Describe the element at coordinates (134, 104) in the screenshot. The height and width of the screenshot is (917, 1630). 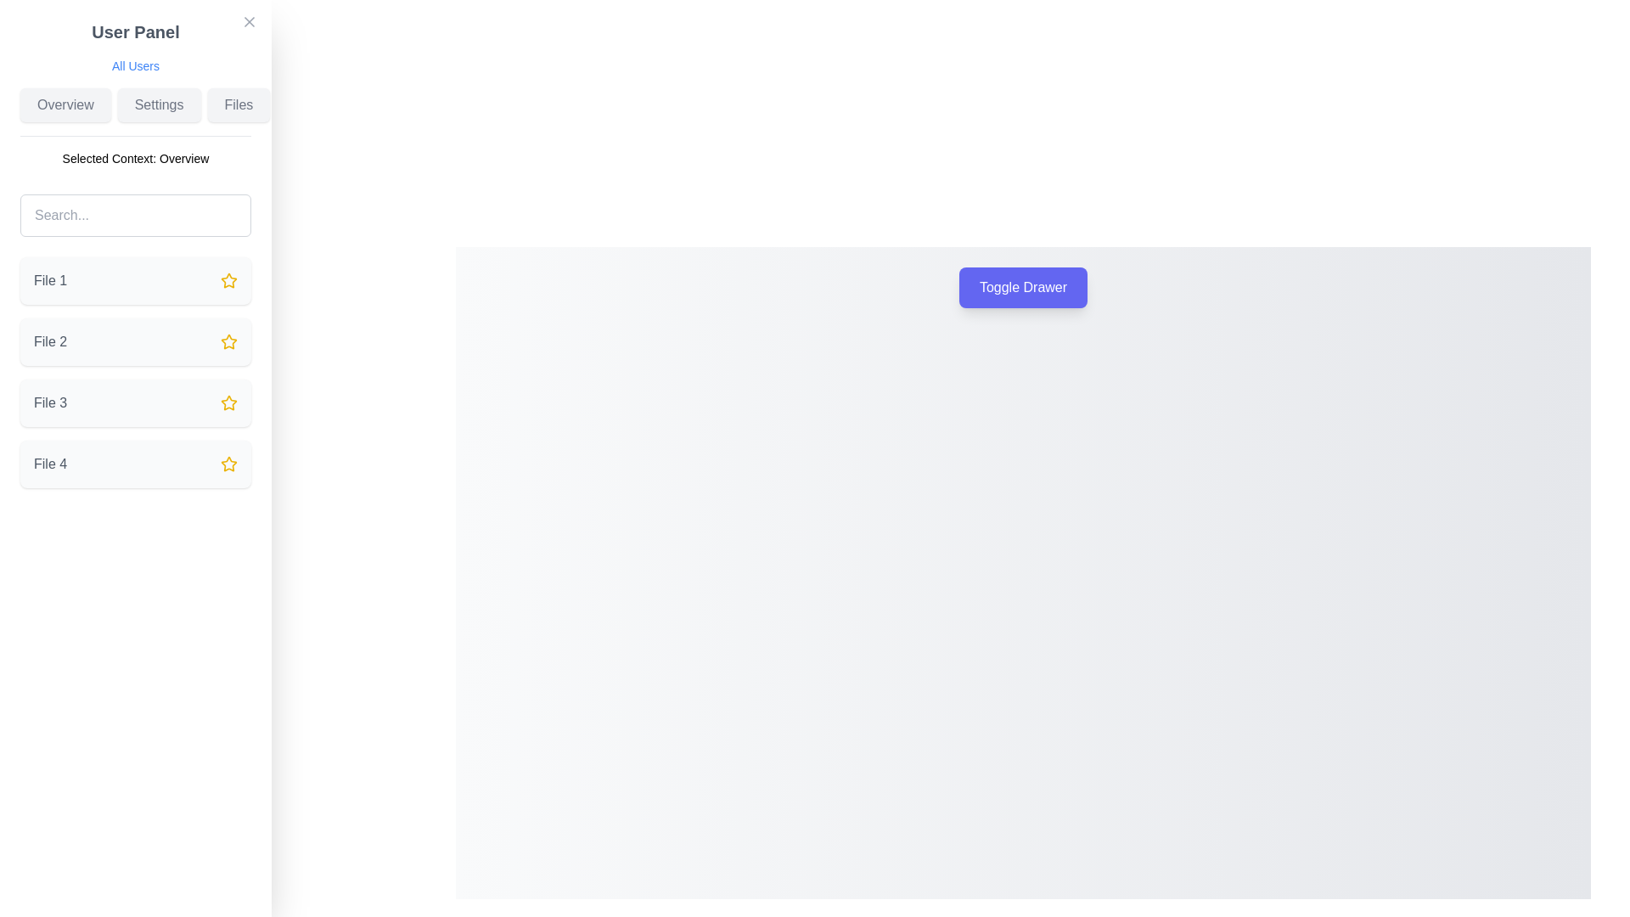
I see `the 'Settings' button, which is the second button in a group of three at the top section of the 'User Panel'` at that location.